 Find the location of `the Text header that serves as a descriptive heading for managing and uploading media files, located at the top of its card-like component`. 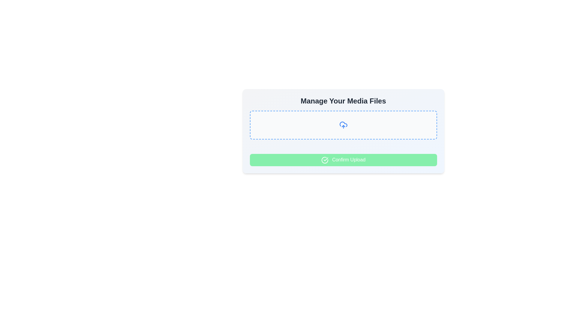

the Text header that serves as a descriptive heading for managing and uploading media files, located at the top of its card-like component is located at coordinates (343, 100).